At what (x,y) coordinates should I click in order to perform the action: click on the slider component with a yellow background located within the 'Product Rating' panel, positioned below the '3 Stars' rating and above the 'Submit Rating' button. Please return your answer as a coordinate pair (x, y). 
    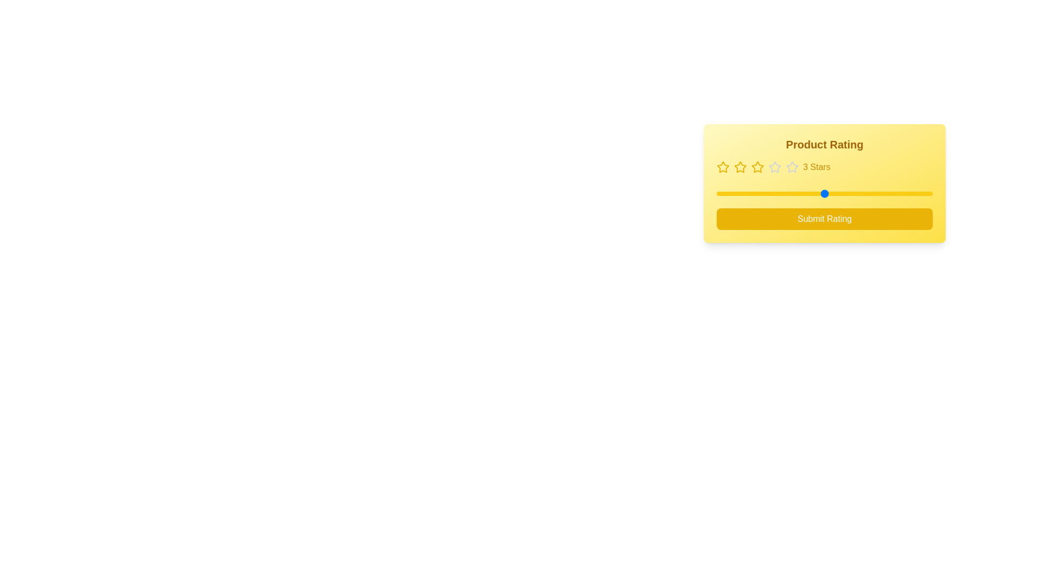
    Looking at the image, I should click on (824, 193).